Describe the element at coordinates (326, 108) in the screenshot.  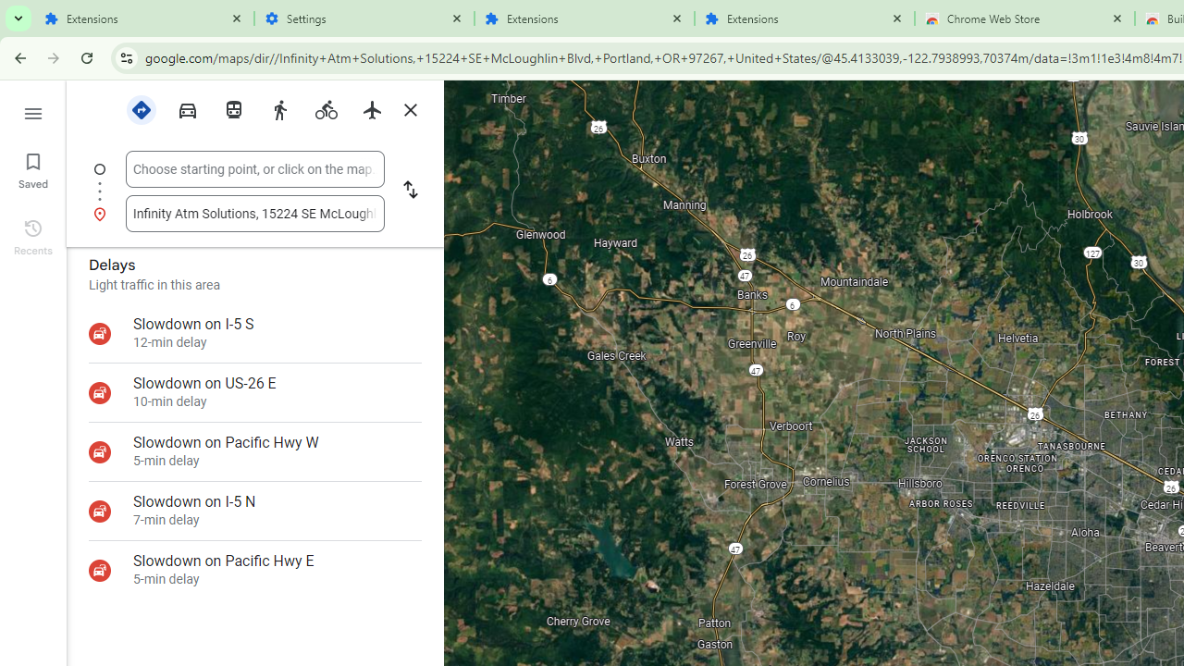
I see `'Cycling'` at that location.